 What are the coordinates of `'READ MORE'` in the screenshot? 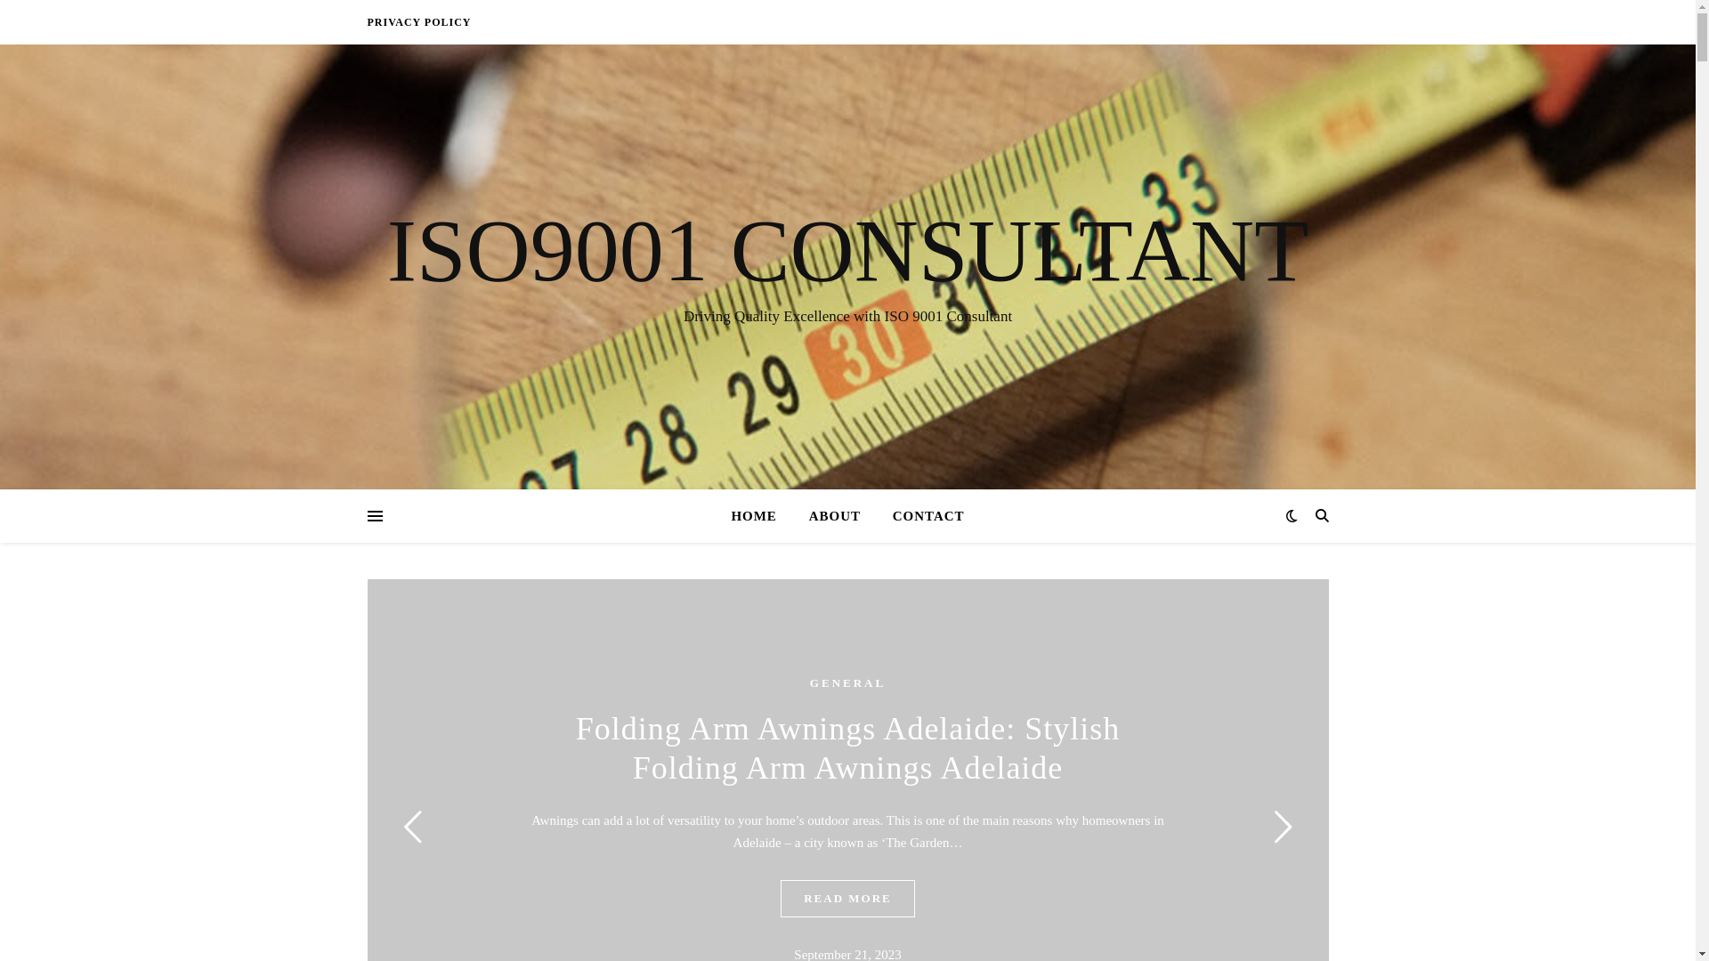 It's located at (781, 899).